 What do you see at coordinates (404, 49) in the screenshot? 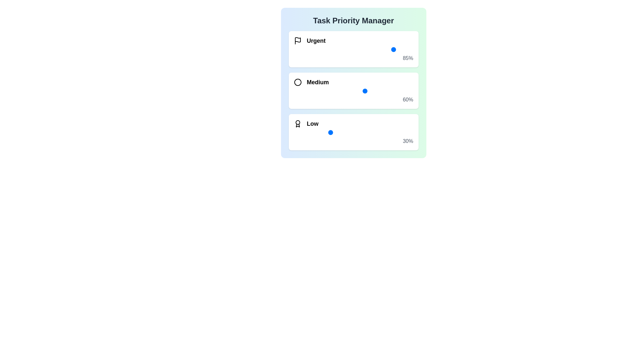
I see `the priority slider for the 'Urgent' task to 93%` at bounding box center [404, 49].